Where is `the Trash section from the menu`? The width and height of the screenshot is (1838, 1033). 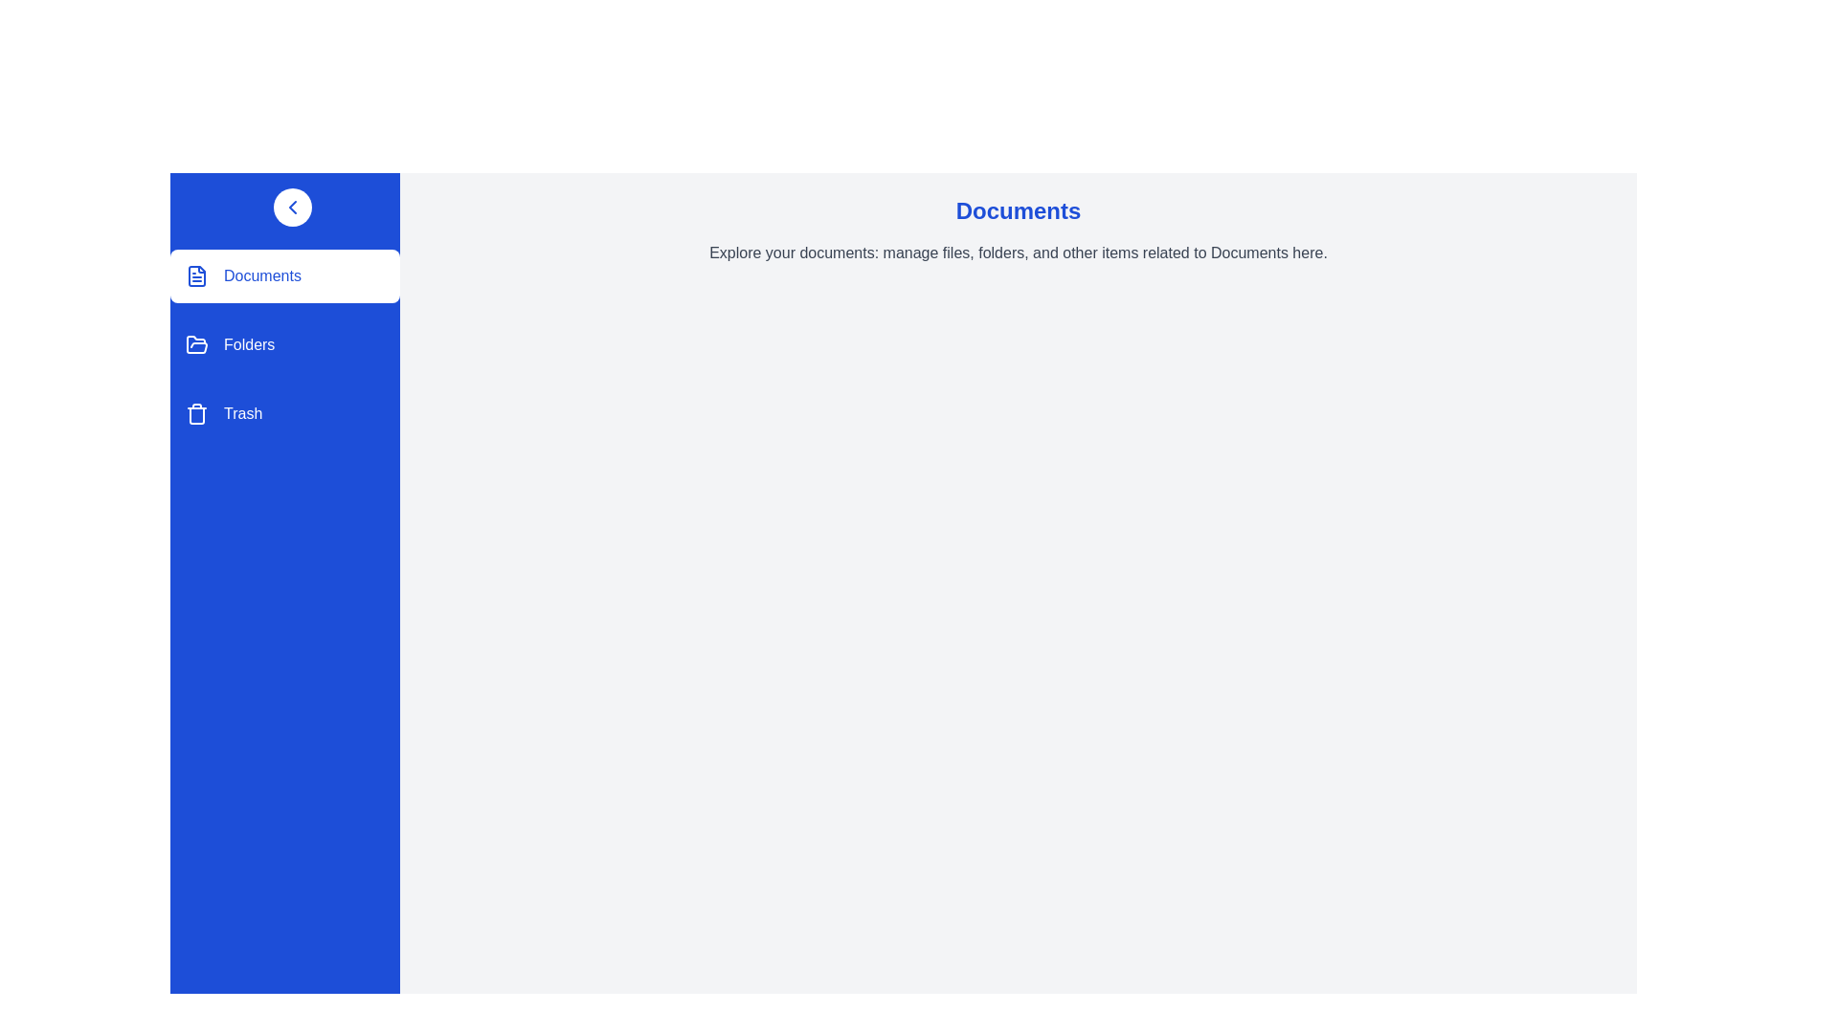 the Trash section from the menu is located at coordinates (283, 412).